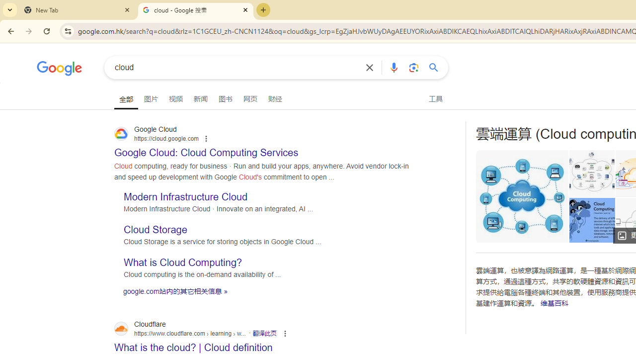  What do you see at coordinates (183, 262) in the screenshot?
I see `'What is Cloud Computing?'` at bounding box center [183, 262].